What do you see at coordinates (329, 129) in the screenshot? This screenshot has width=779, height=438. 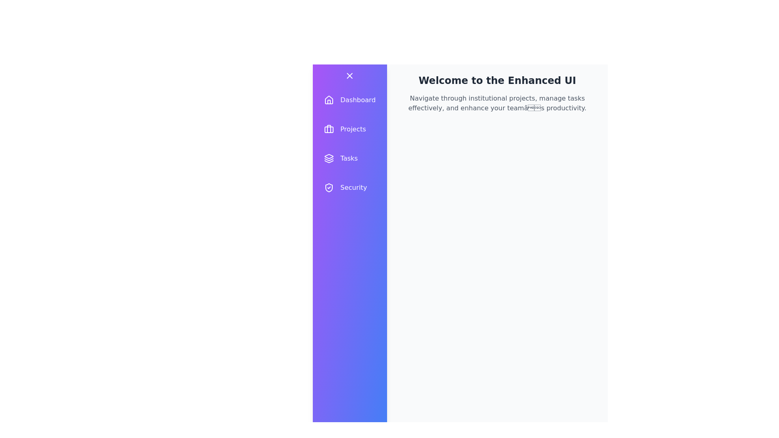 I see `the rectangular decoration within the 'Projects' icon in the navigation bar` at bounding box center [329, 129].